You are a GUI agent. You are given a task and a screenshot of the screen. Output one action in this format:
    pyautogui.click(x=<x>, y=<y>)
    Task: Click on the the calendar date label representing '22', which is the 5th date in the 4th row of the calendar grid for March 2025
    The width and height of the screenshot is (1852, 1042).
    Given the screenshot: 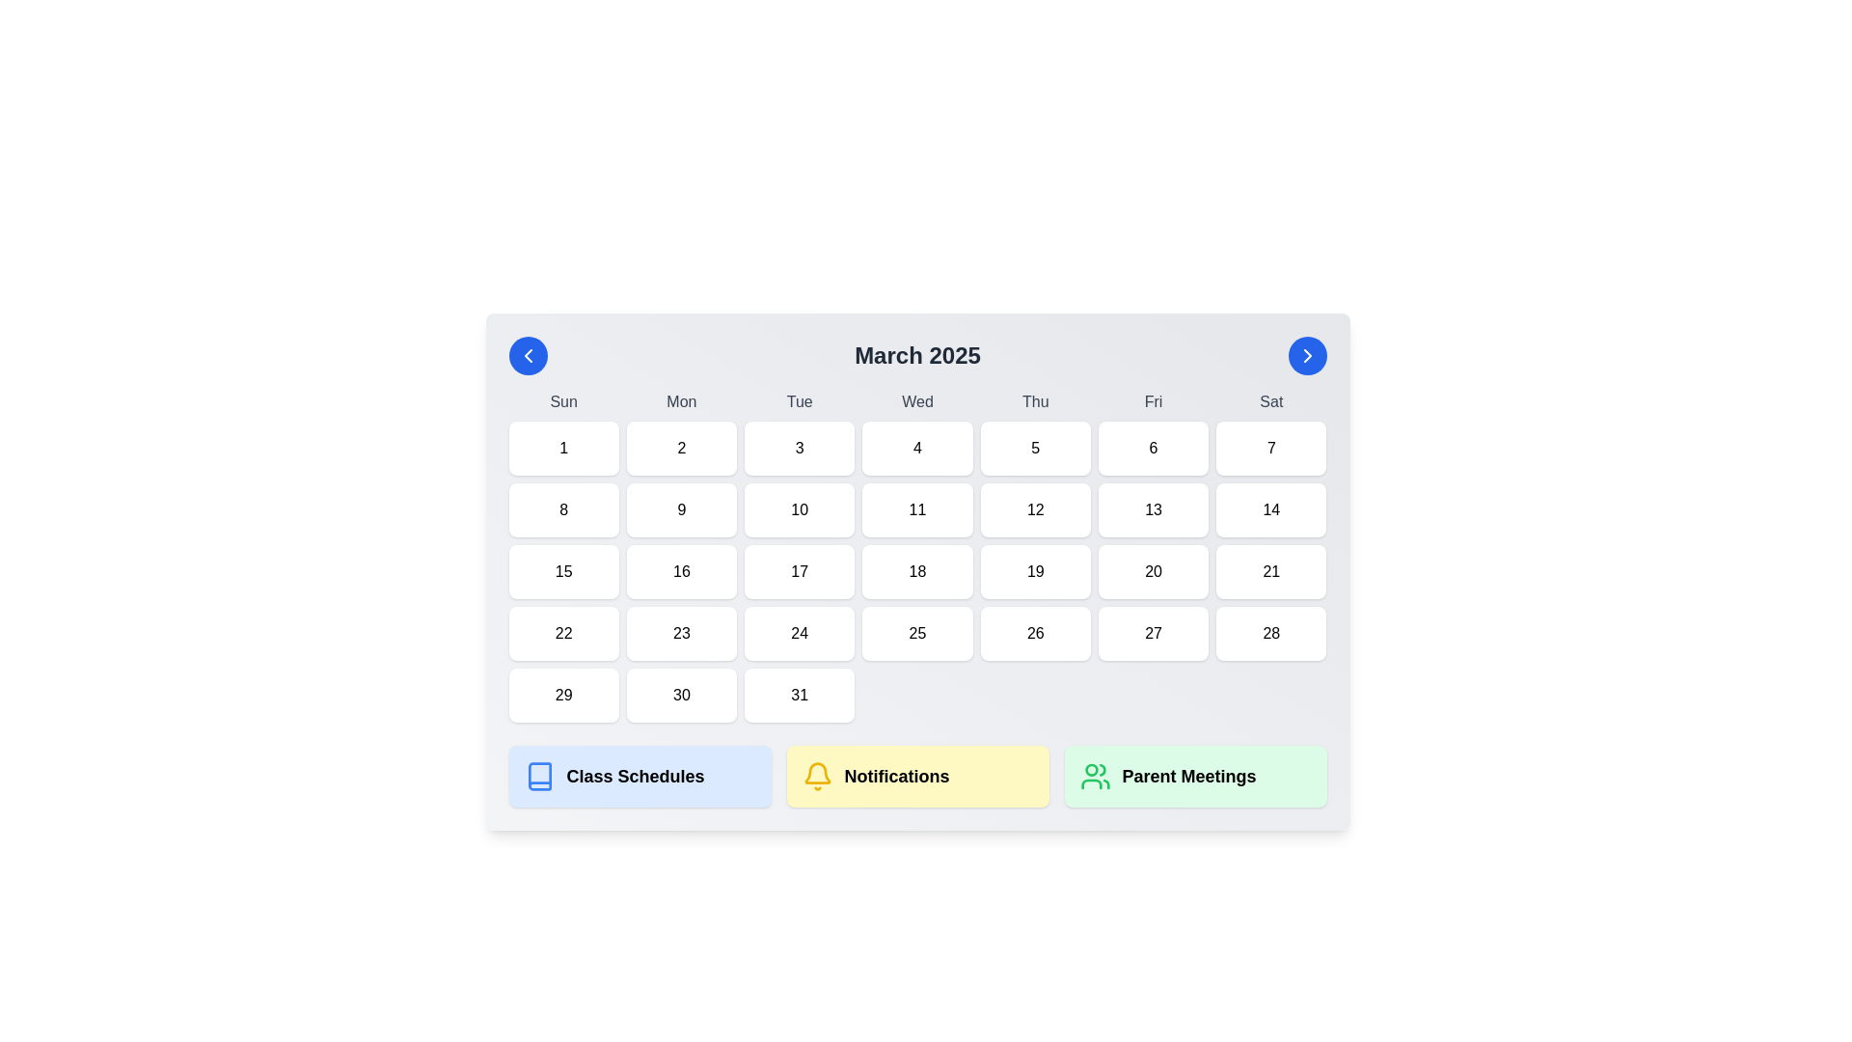 What is the action you would take?
    pyautogui.click(x=562, y=633)
    